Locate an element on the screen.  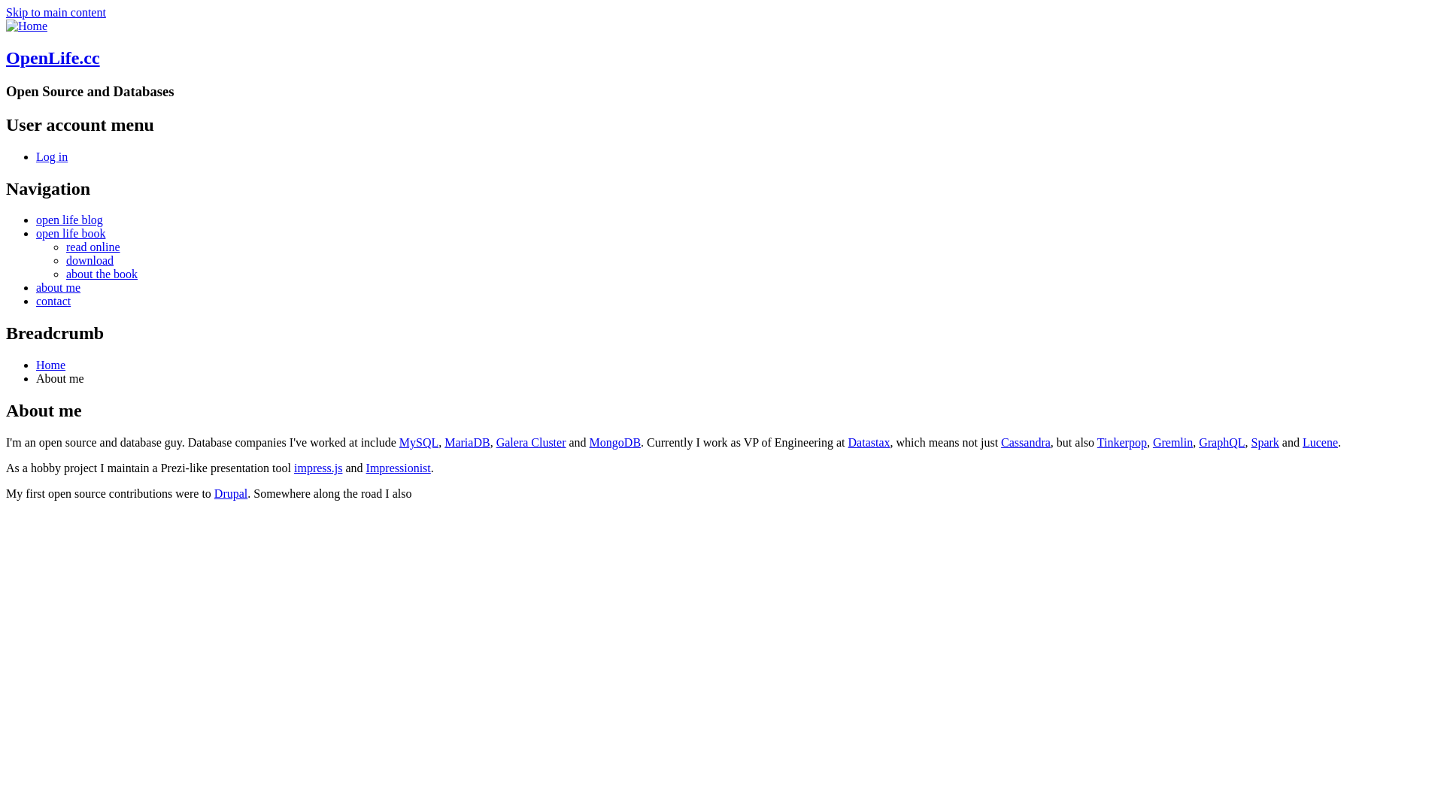
'Cassandra' is located at coordinates (1024, 441).